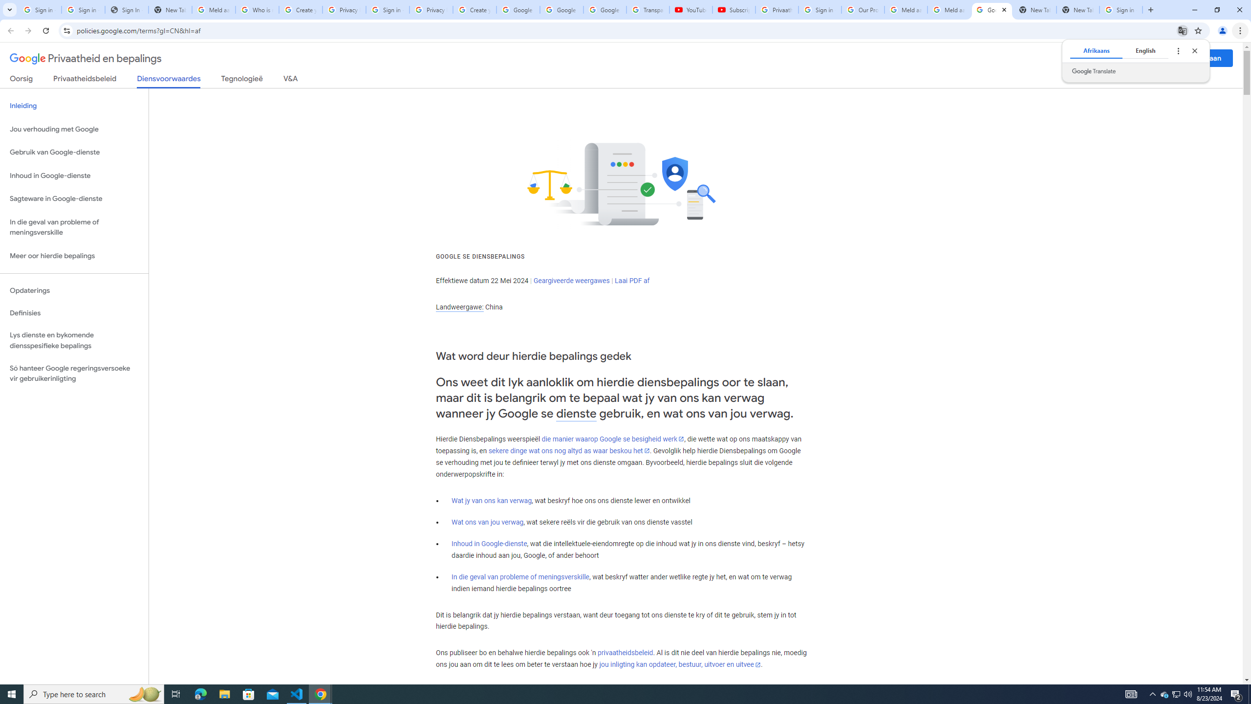 This screenshot has width=1251, height=704. What do you see at coordinates (1177, 50) in the screenshot?
I see `'Translate options'` at bounding box center [1177, 50].